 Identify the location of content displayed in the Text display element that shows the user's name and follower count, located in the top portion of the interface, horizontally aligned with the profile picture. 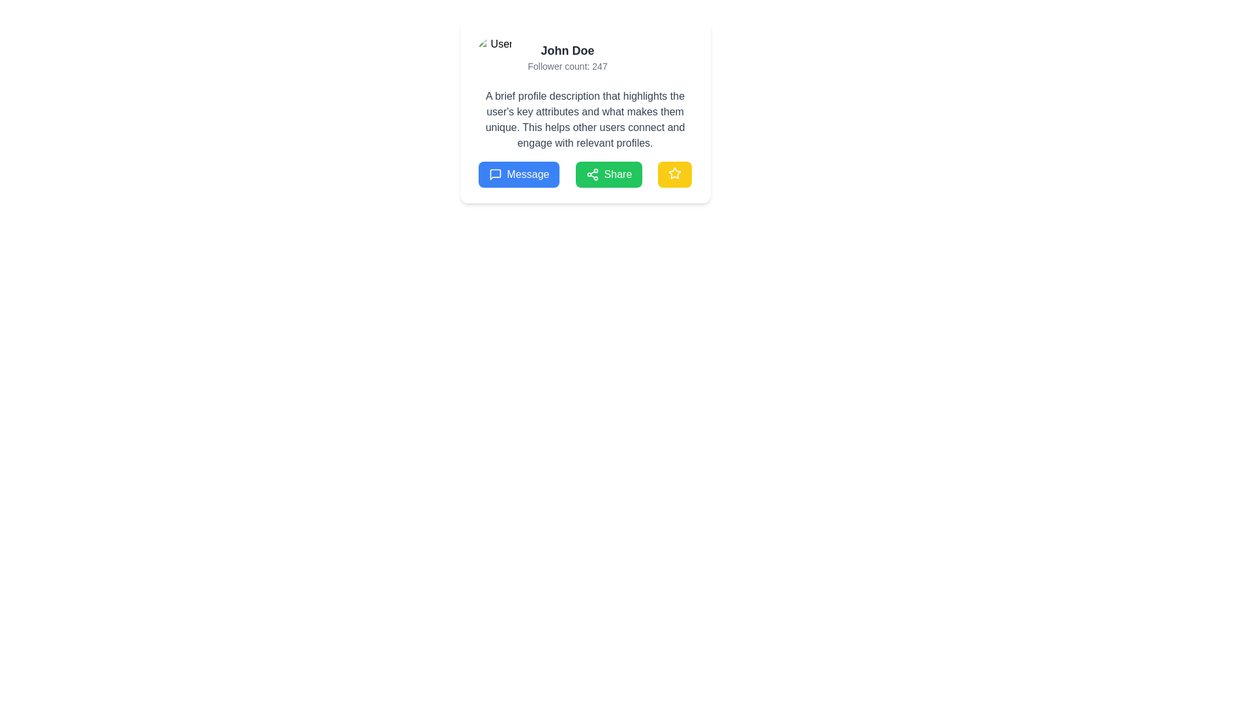
(567, 57).